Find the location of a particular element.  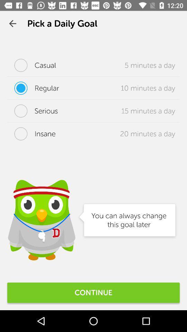

the serious is located at coordinates (32, 111).